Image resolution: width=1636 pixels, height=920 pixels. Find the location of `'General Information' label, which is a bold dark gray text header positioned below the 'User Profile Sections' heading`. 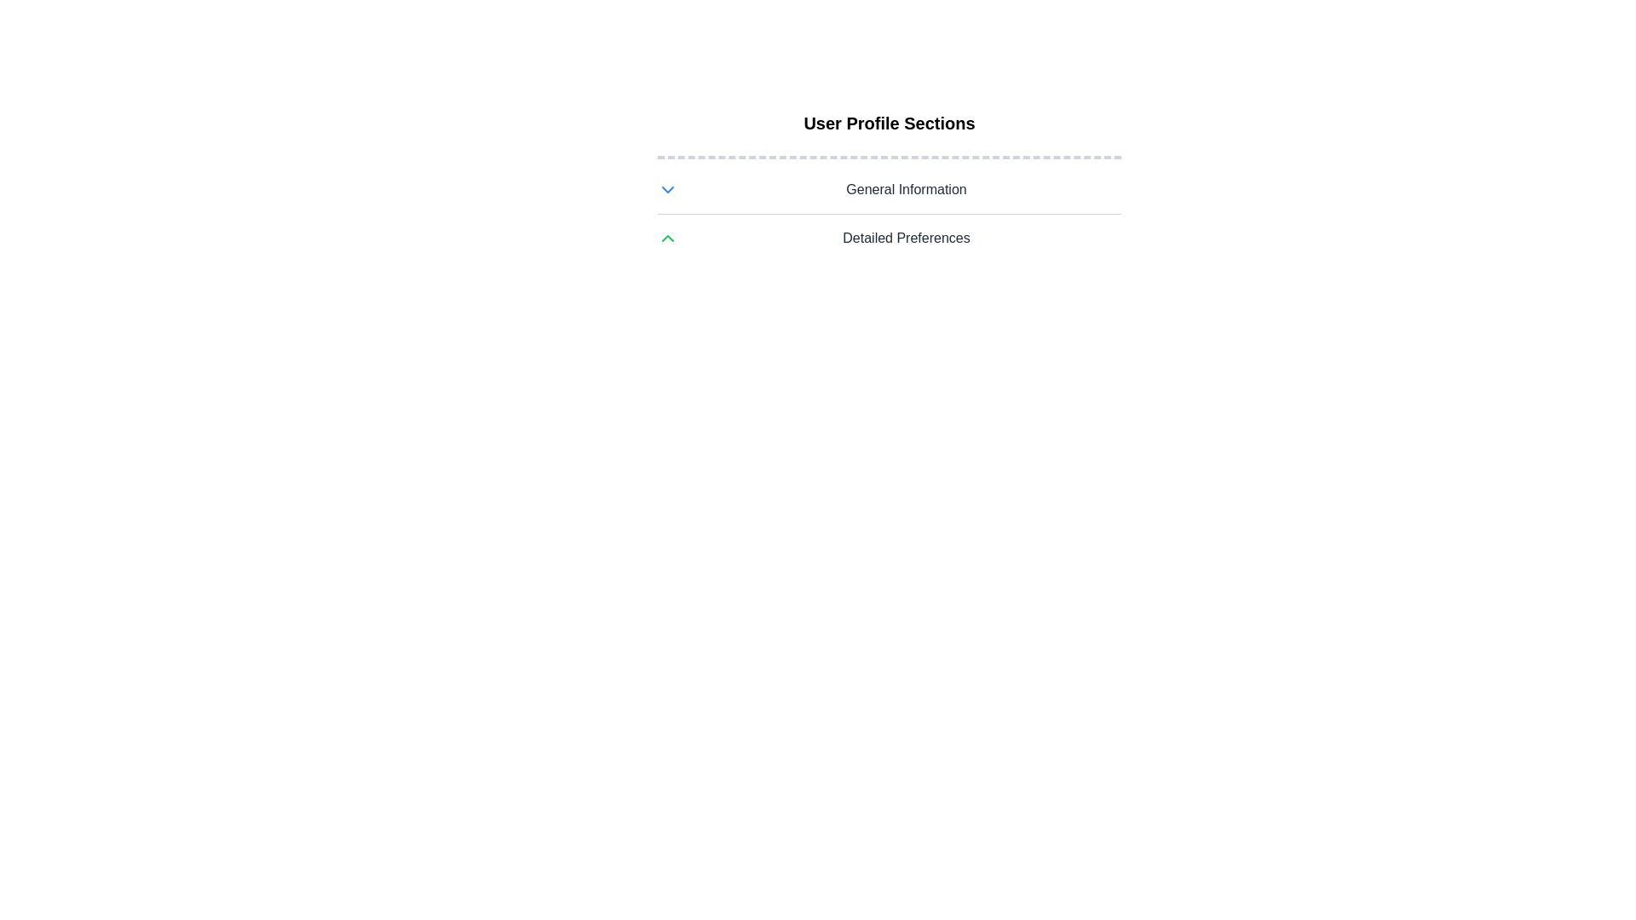

'General Information' label, which is a bold dark gray text header positioned below the 'User Profile Sections' heading is located at coordinates (906, 190).